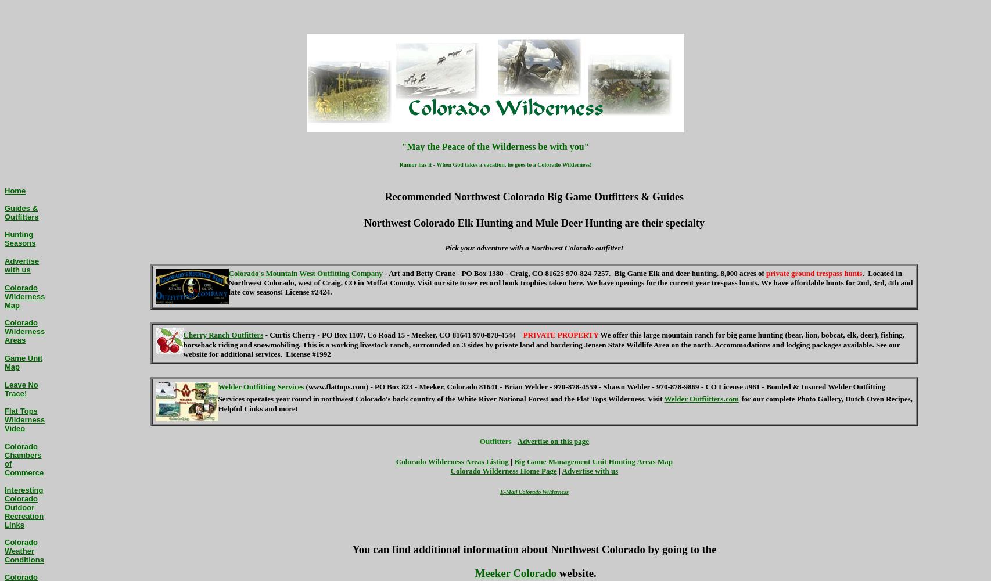 This screenshot has width=991, height=581. Describe the element at coordinates (228, 272) in the screenshot. I see `'Colorado's Mountain West Outfitting Company'` at that location.